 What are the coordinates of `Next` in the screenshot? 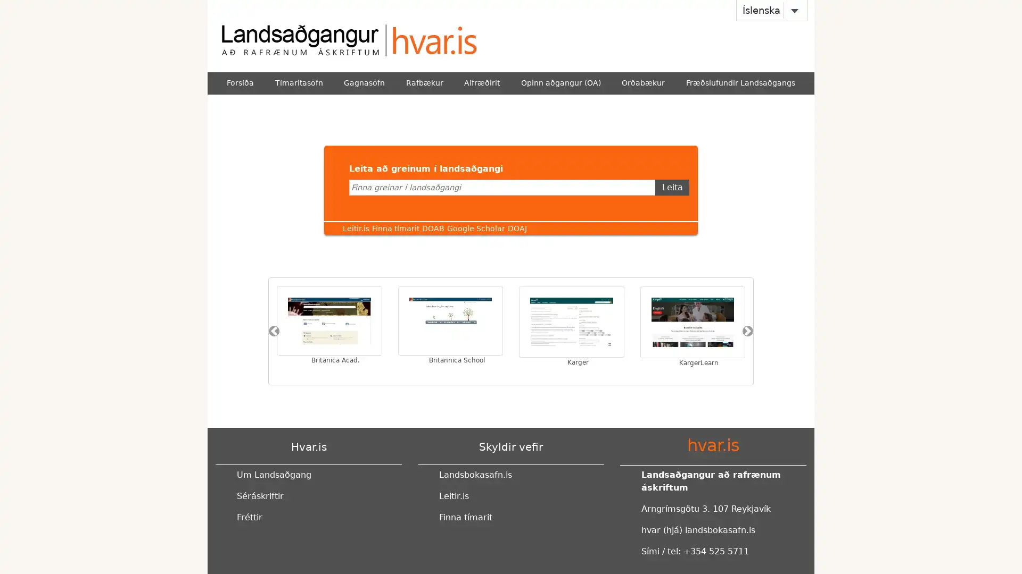 It's located at (747, 331).